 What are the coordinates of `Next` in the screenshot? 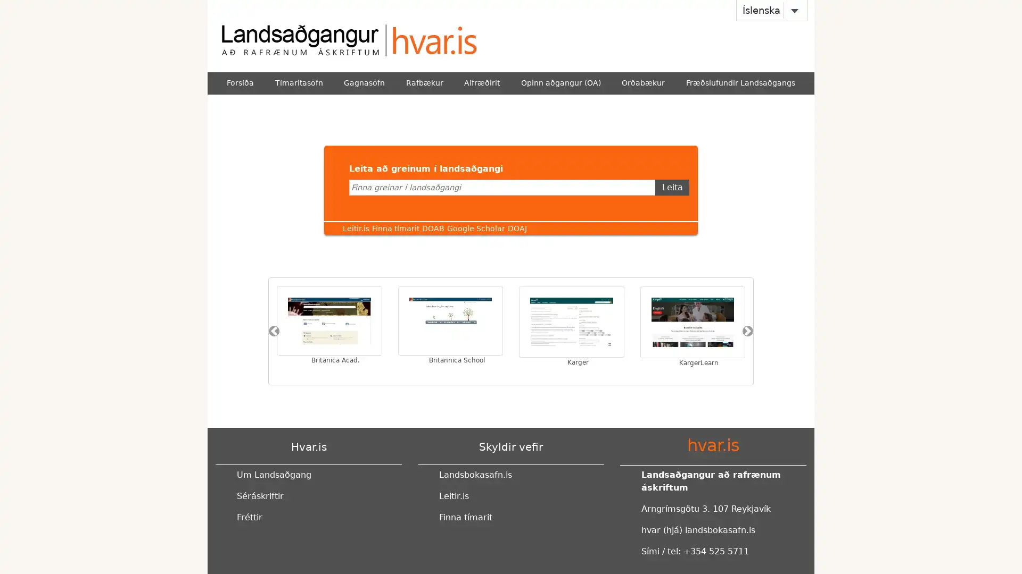 It's located at (747, 331).